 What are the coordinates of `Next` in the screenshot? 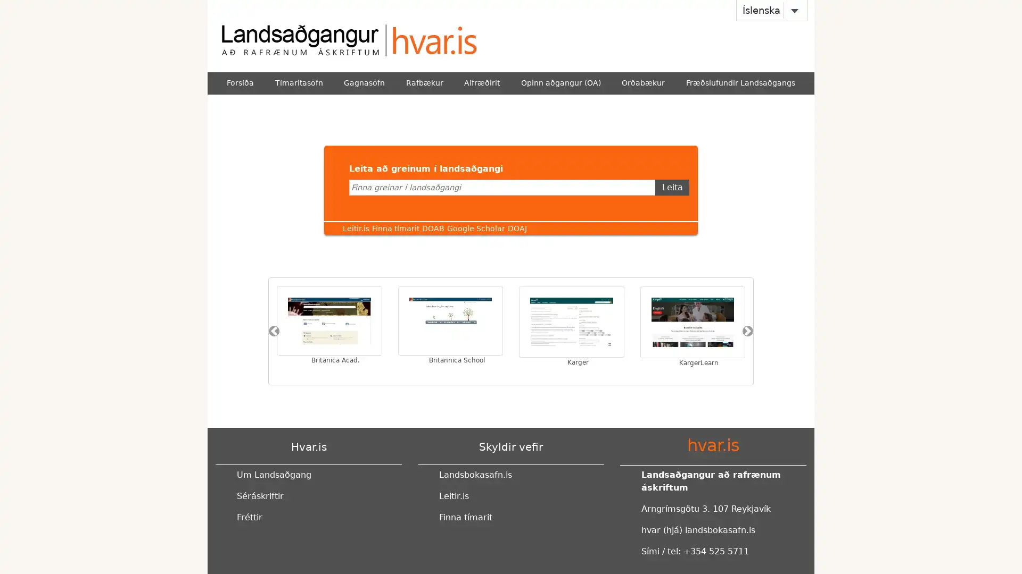 It's located at (747, 331).